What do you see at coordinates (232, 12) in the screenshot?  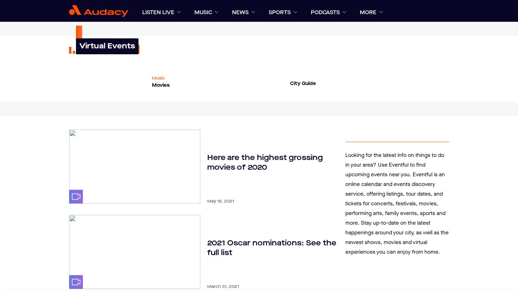 I see `'news'` at bounding box center [232, 12].